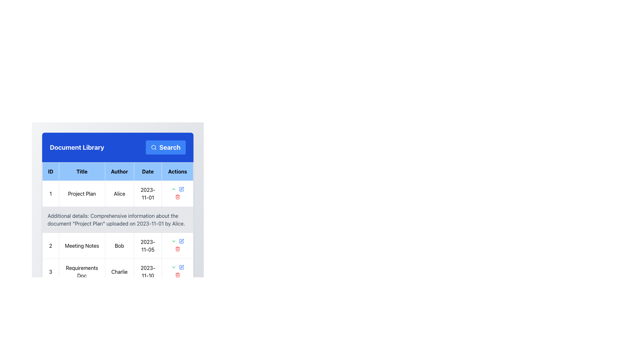 The width and height of the screenshot is (618, 347). I want to click on the search button located on the right side of the header labeled 'Document Library', so click(165, 147).